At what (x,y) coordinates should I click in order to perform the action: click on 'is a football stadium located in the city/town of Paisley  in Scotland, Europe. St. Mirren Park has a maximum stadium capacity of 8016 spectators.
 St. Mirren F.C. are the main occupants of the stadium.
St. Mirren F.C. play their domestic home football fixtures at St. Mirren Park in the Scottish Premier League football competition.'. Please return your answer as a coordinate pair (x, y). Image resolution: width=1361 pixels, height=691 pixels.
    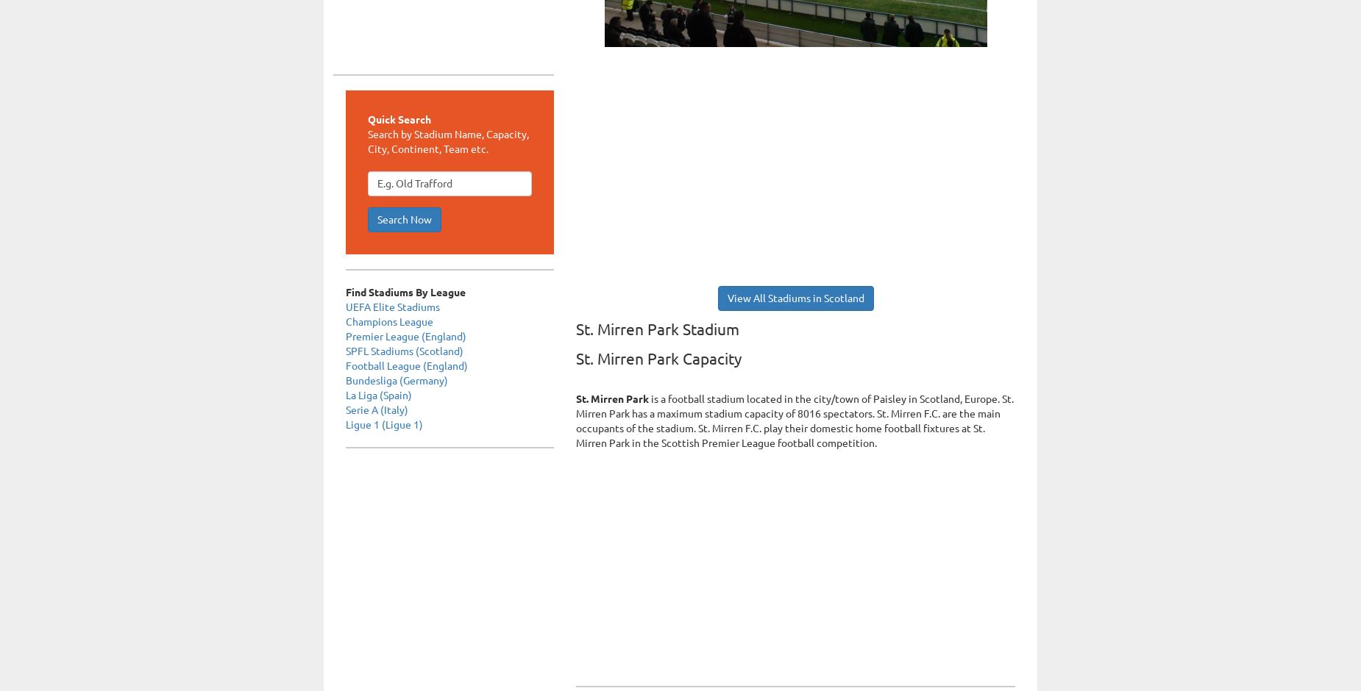
    Looking at the image, I should click on (575, 421).